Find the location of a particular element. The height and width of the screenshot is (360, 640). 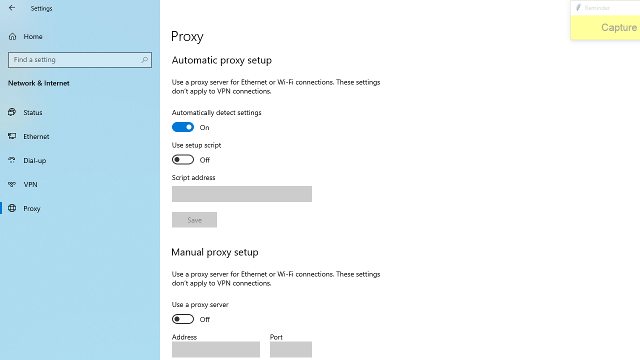

'Proxy' is located at coordinates (80, 207).